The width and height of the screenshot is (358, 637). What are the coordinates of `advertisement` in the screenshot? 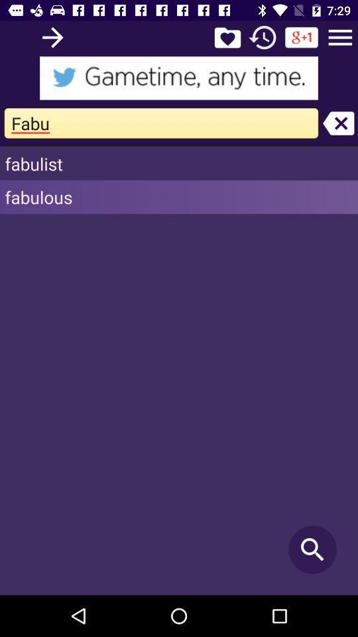 It's located at (179, 78).